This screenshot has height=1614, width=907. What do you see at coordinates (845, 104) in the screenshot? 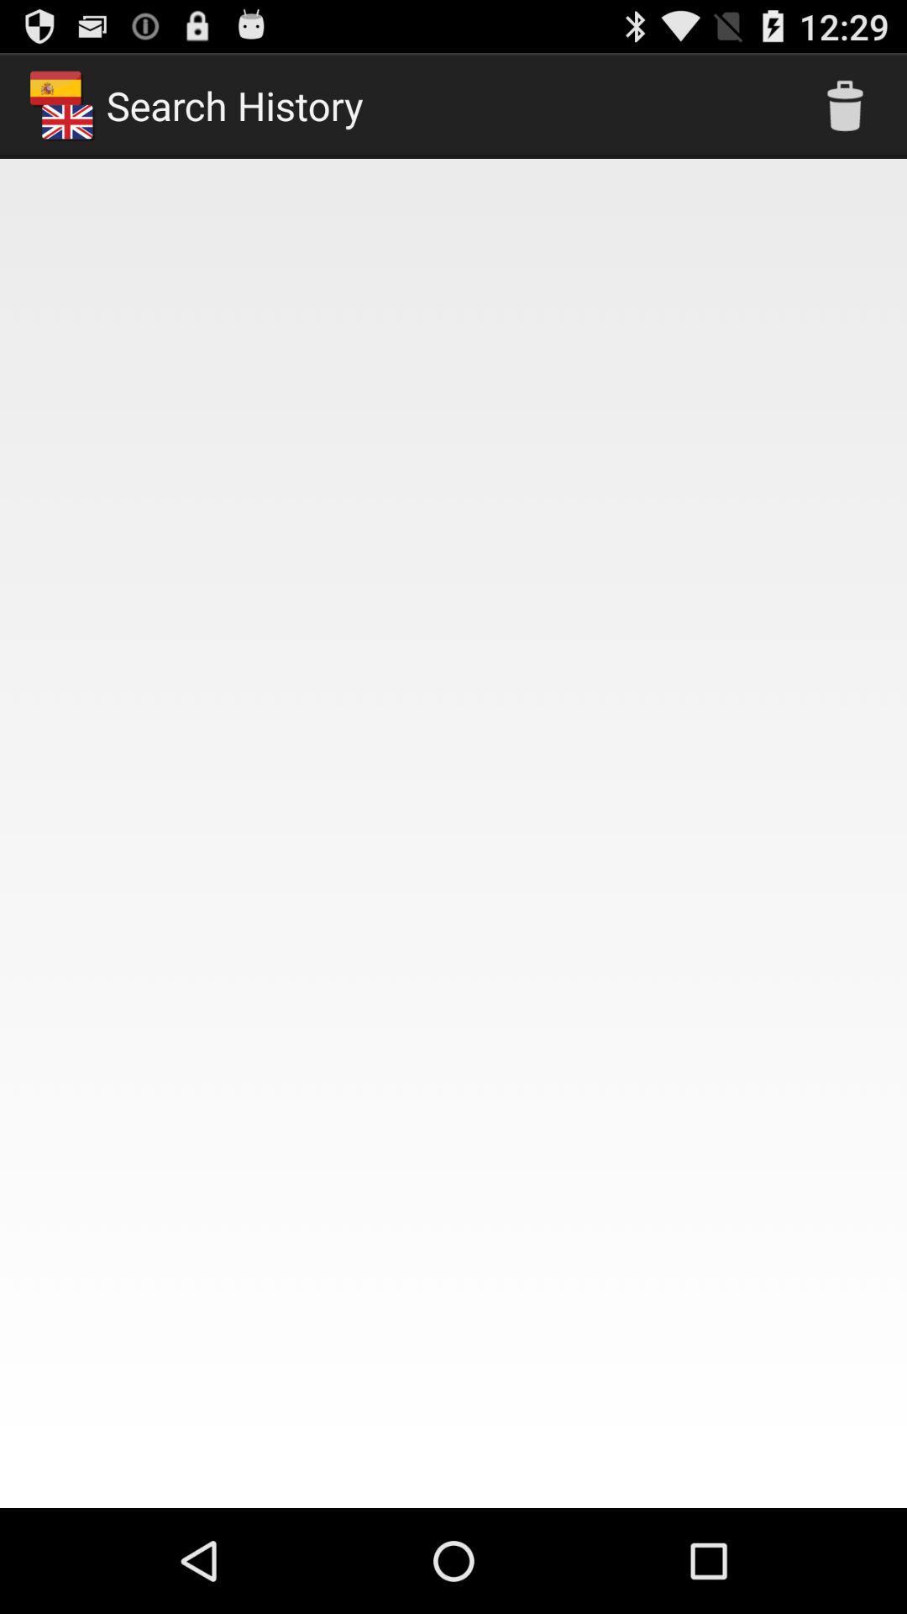
I see `app next to search history` at bounding box center [845, 104].